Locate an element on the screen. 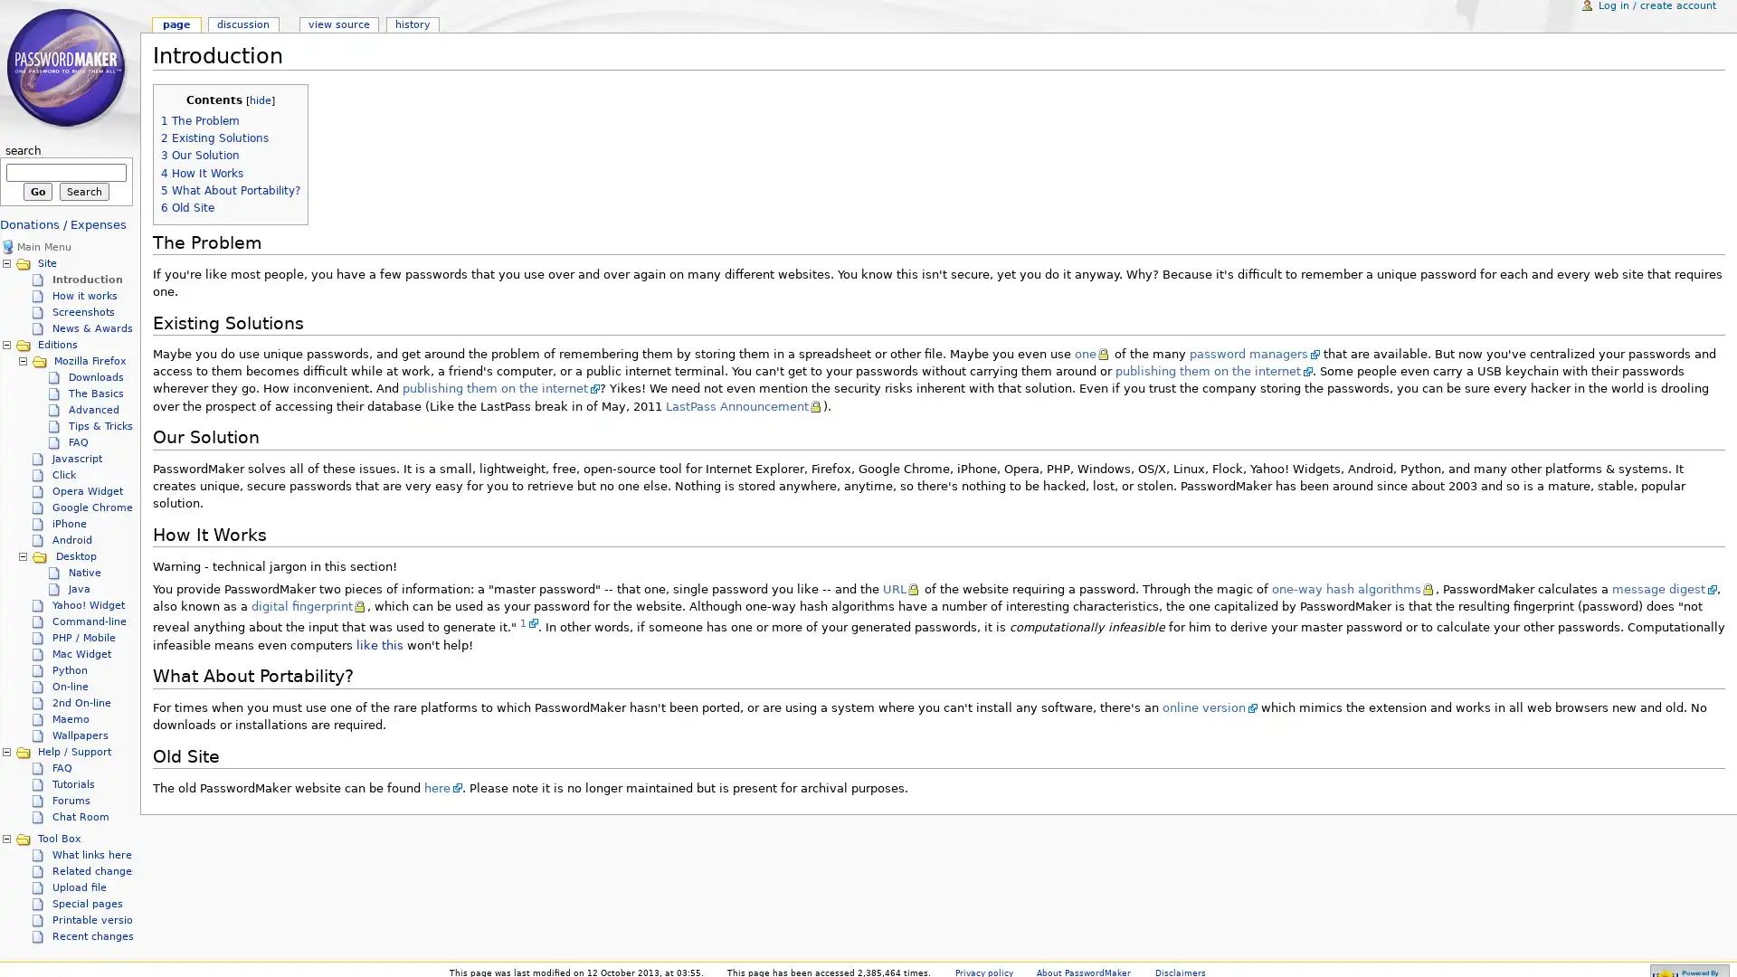 Image resolution: width=1737 pixels, height=977 pixels. Search is located at coordinates (83, 192).